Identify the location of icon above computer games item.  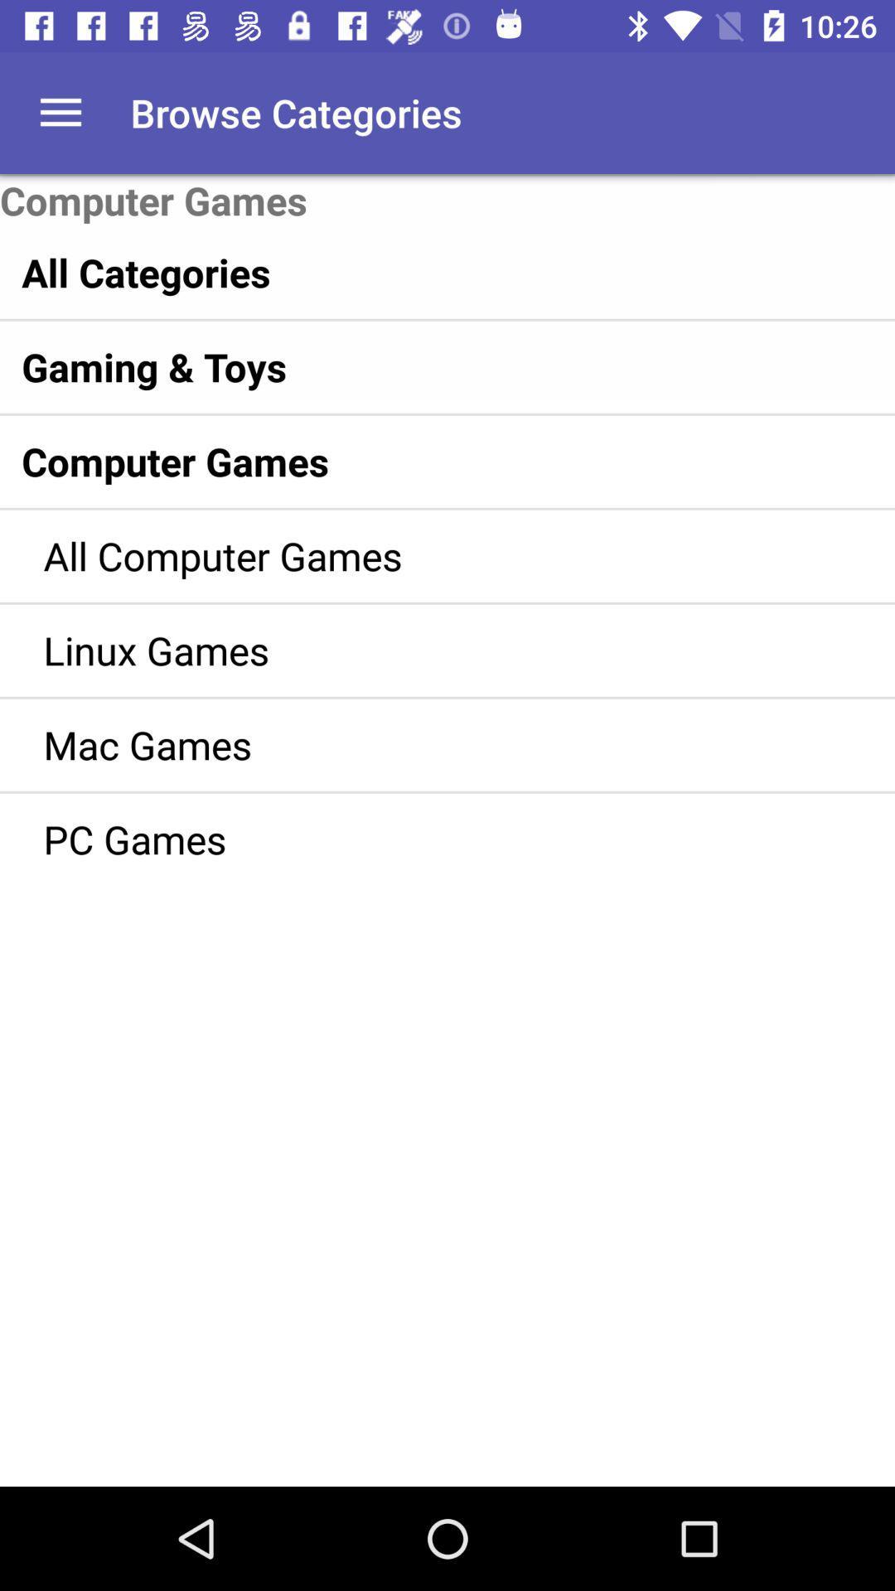
(60, 112).